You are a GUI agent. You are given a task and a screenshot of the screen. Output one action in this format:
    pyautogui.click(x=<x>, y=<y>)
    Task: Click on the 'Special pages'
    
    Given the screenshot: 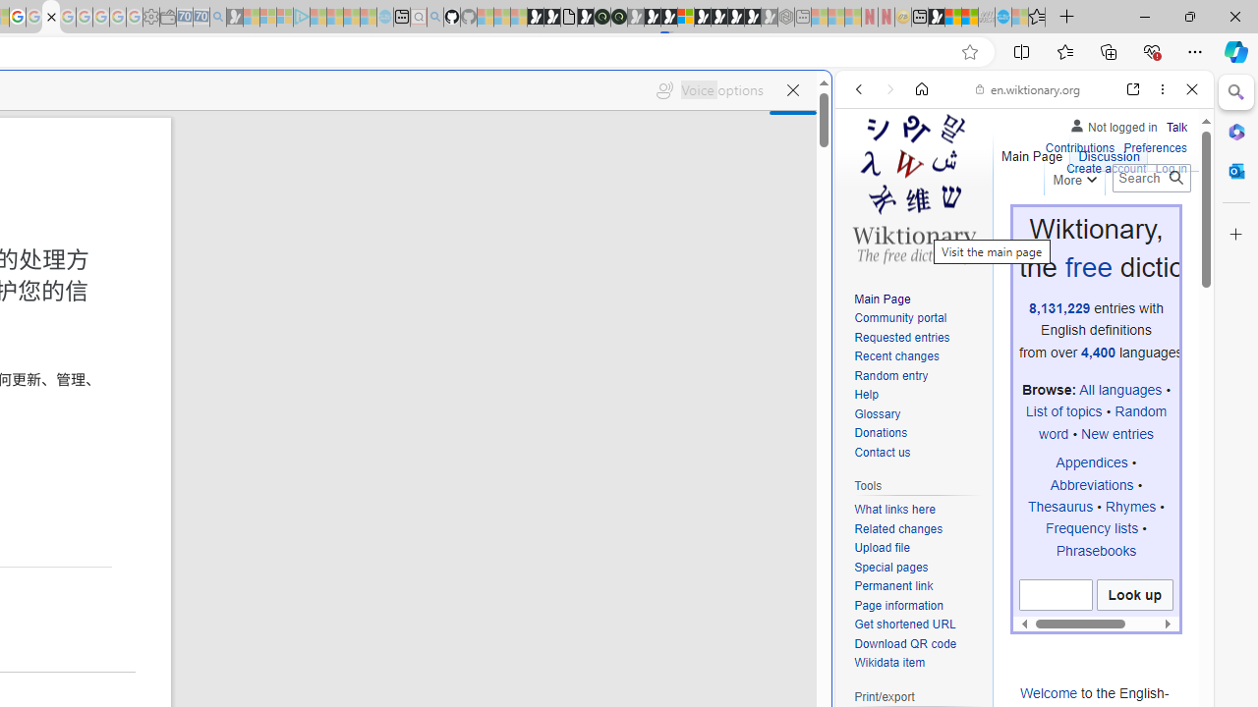 What is the action you would take?
    pyautogui.click(x=889, y=567)
    